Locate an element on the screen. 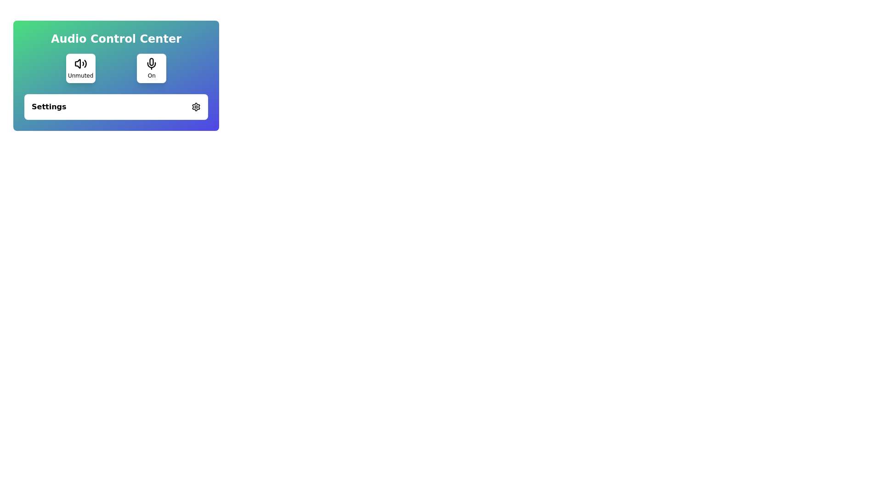 The width and height of the screenshot is (882, 496). the text label reading 'Unmuted', which is located at the bottom-center of a white rounded rectangular button with a shadow effect is located at coordinates (80, 75).